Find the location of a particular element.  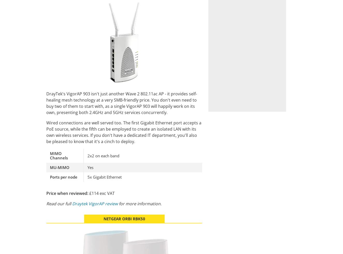

'MU-MIMO' is located at coordinates (60, 167).